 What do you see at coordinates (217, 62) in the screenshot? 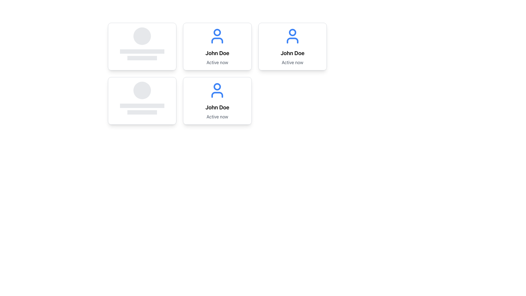
I see `text label displaying 'Active now', which indicates the user's current status, located at the bottom of the profile card layout` at bounding box center [217, 62].